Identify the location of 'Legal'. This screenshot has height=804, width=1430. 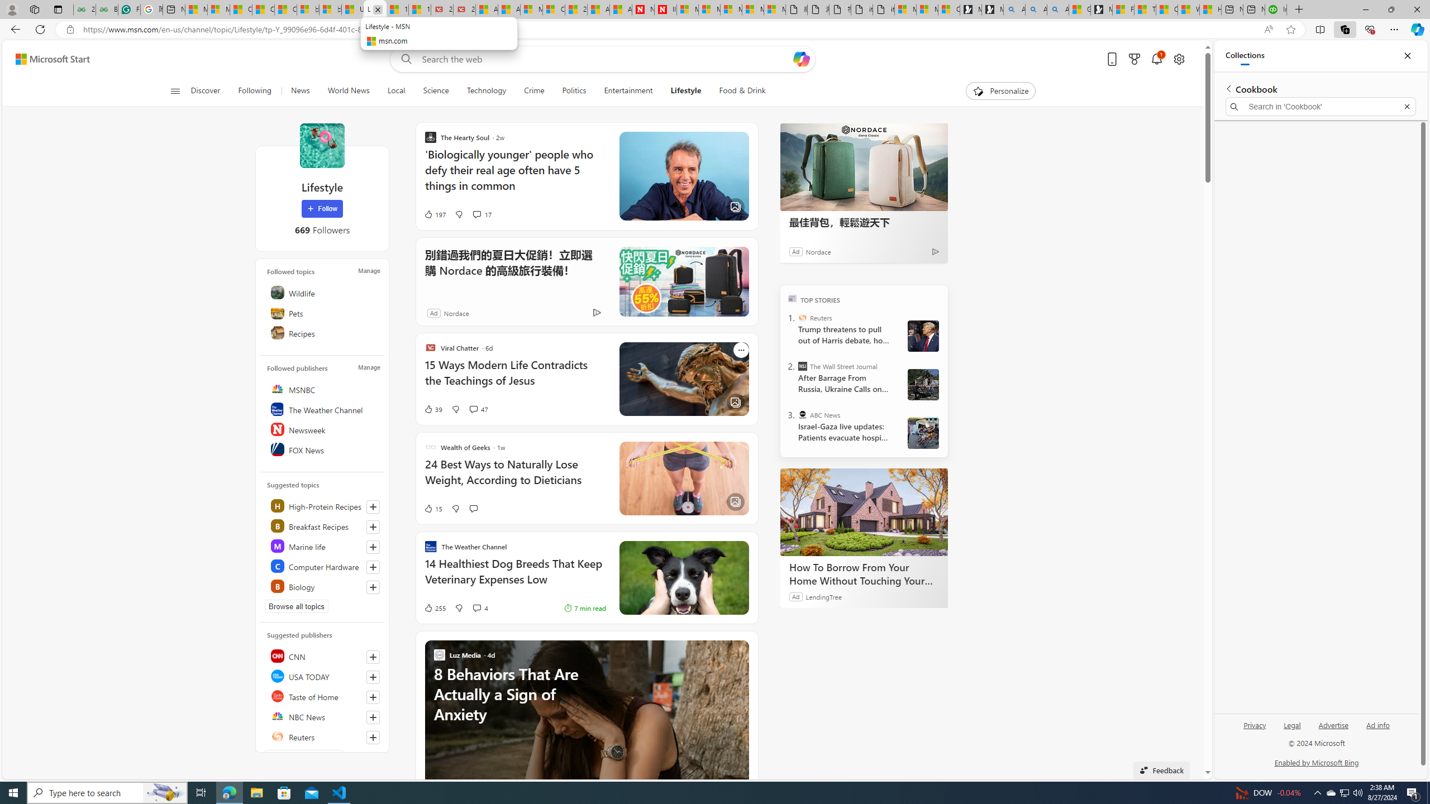
(1291, 729).